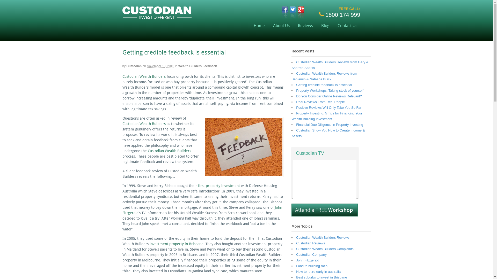 The height and width of the screenshot is (279, 497). What do you see at coordinates (318, 271) in the screenshot?
I see `'How to retire early in australia'` at bounding box center [318, 271].